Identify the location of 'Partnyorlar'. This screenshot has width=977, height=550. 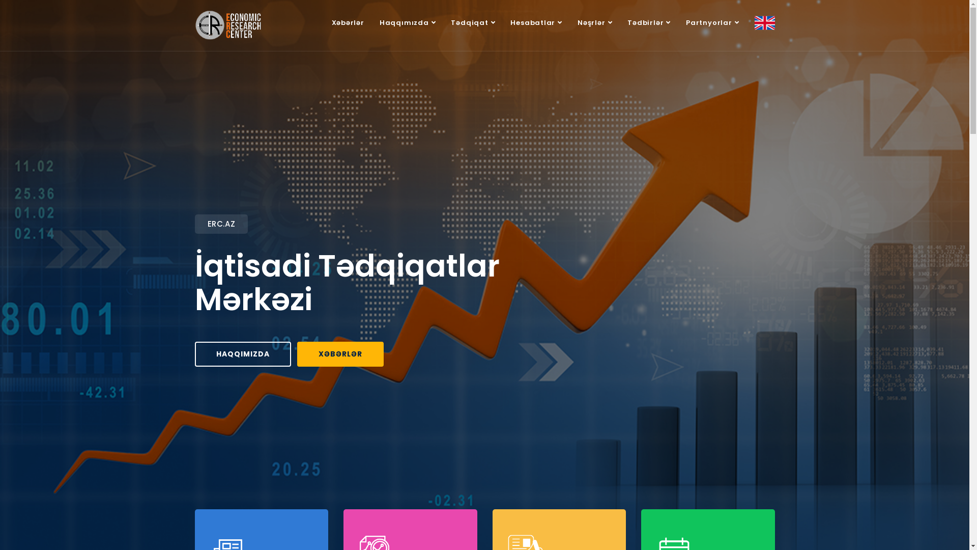
(678, 23).